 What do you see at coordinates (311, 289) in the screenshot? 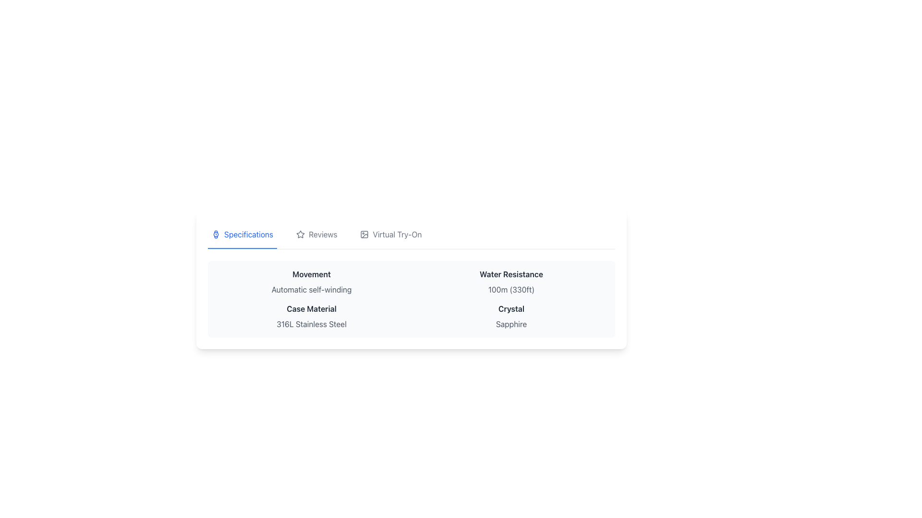
I see `the text label displaying 'Automatic self-winding' located in the 'Specifications' section, directly below the 'Movement' label` at bounding box center [311, 289].